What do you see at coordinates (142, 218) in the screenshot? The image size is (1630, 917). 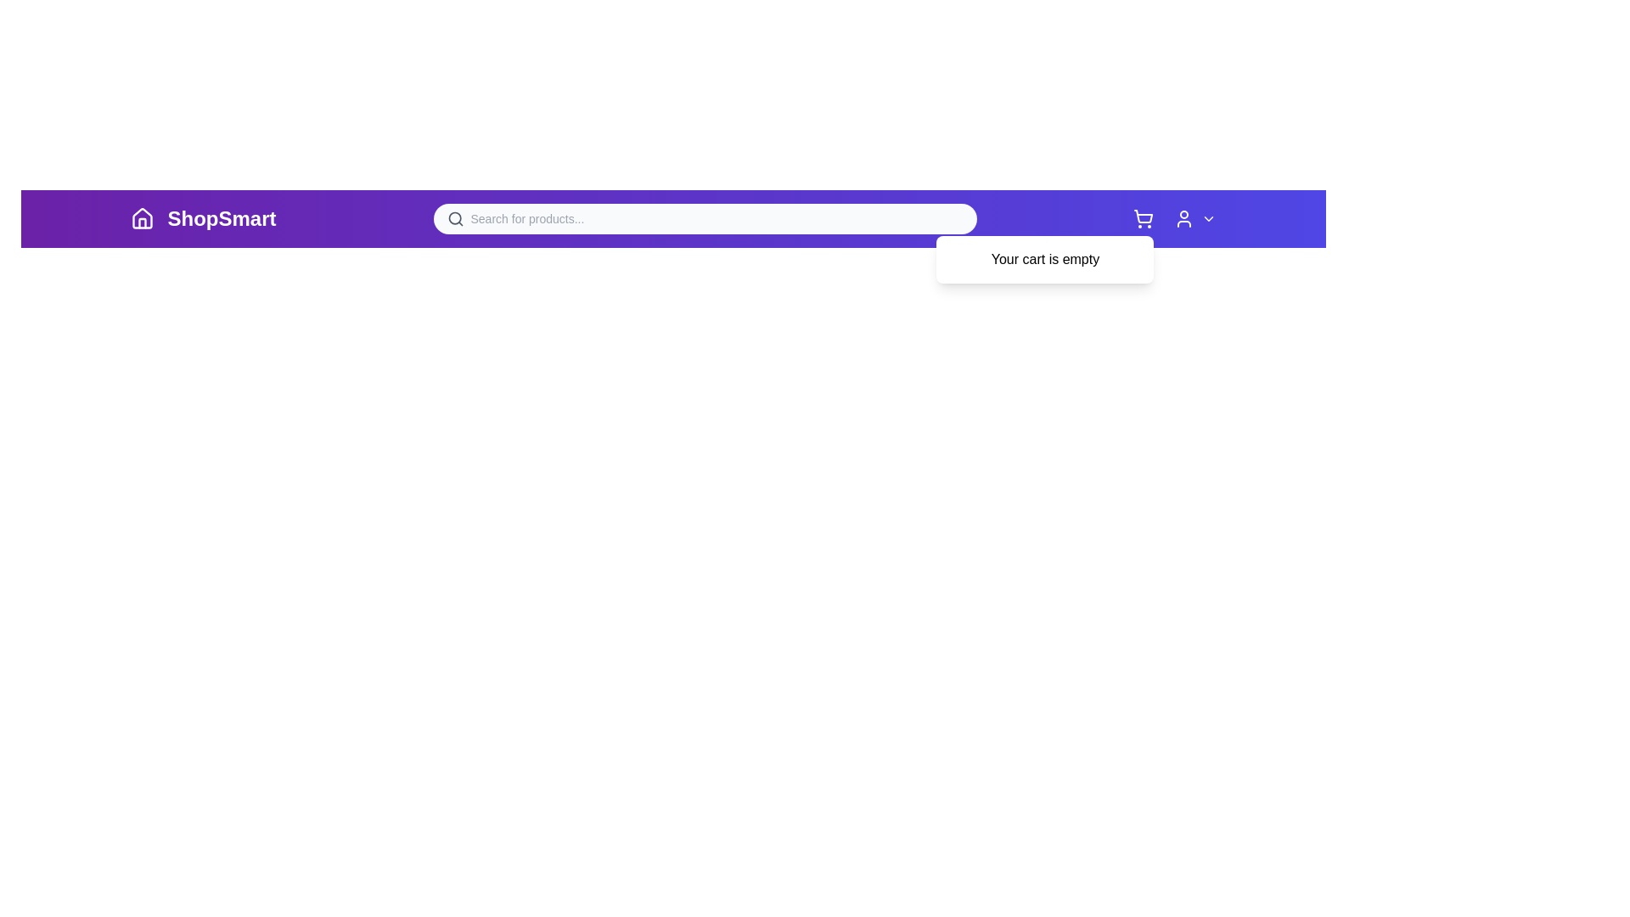 I see `the house icon with a white outline on a purple background located in the navigation header` at bounding box center [142, 218].